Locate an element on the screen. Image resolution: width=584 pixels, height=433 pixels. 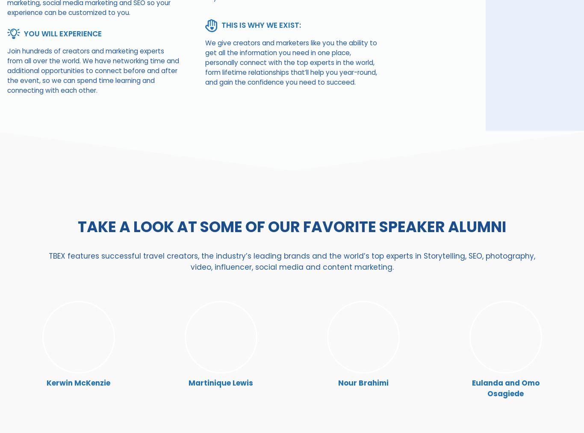
'Join hundreds of creators and marketing experts from all over the world. We have networking time and additional opportunities to connect before and after the event, so we can spend time learning and connecting with each other.' is located at coordinates (93, 71).